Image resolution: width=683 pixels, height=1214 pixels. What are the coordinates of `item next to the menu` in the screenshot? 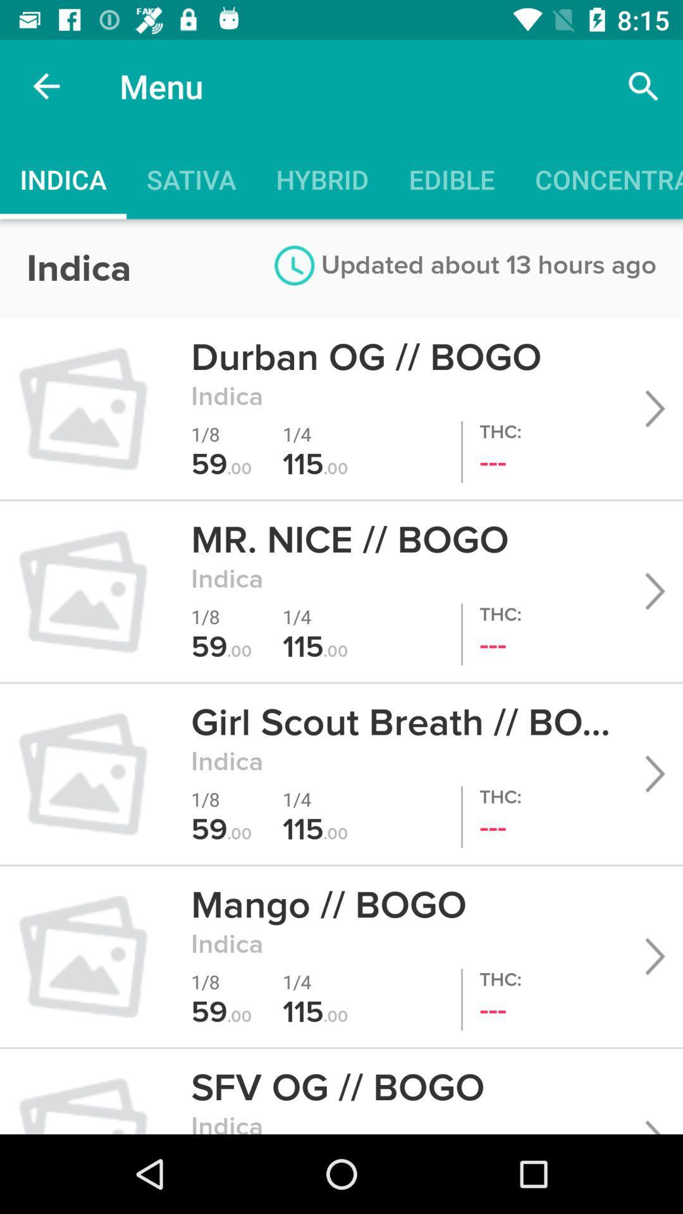 It's located at (46, 85).